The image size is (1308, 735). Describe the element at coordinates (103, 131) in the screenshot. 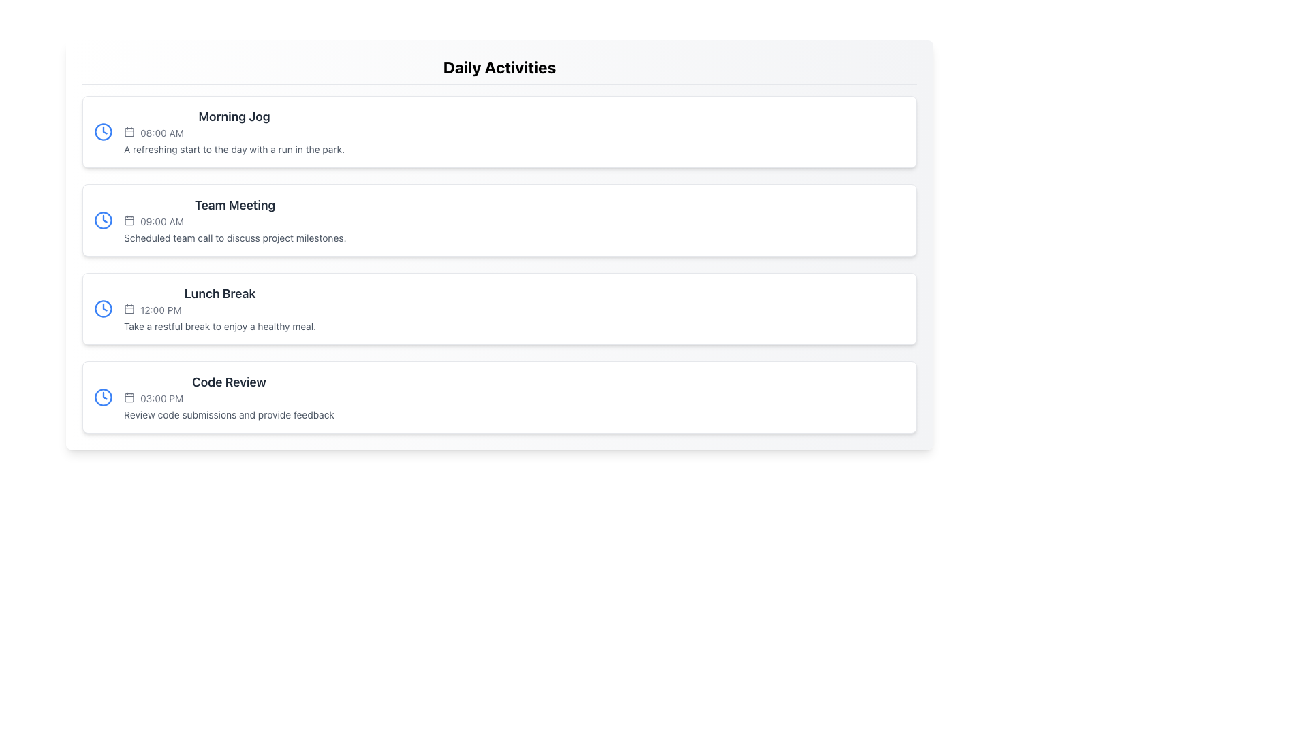

I see `the SVG Circle element that represents the first clock icon in the vertical list of activities, located to the left of the text 'Morning Jog'` at that location.